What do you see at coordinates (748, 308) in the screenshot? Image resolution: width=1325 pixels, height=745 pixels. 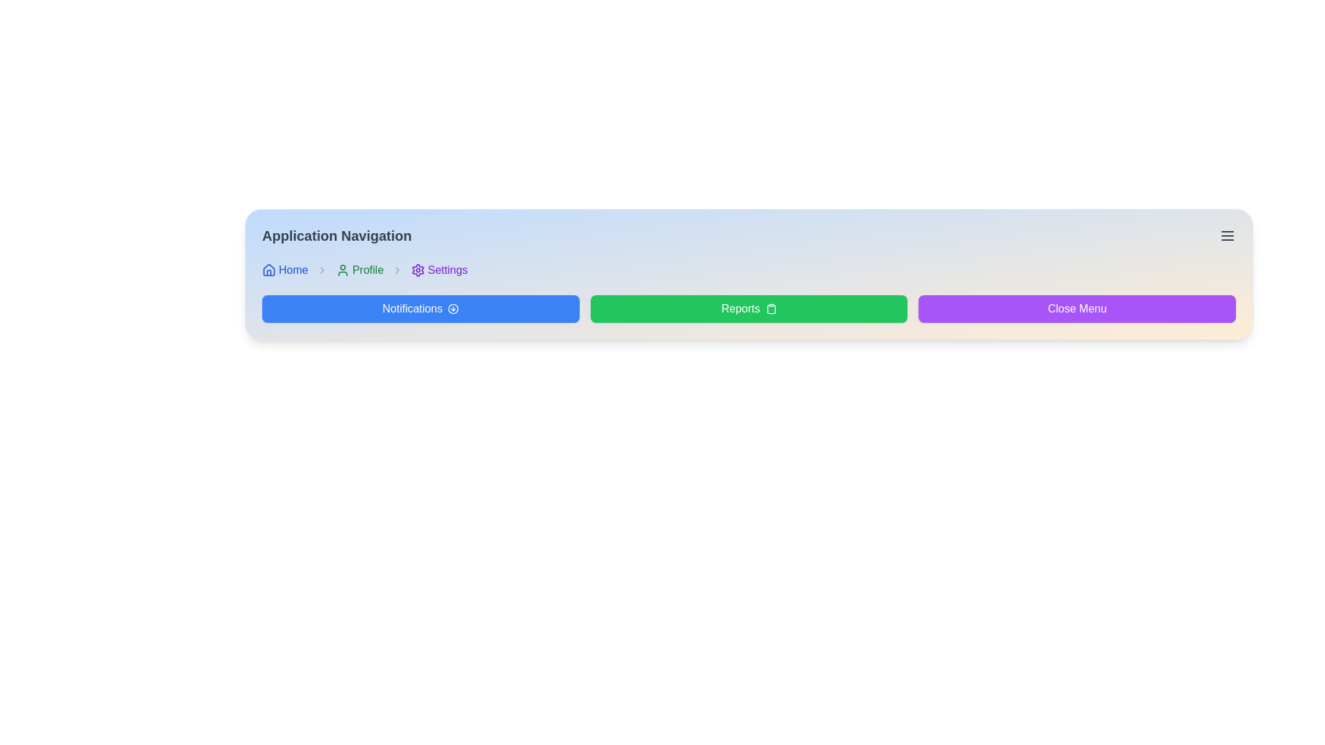 I see `the 'Reports' button, which is centrally located among three buttons` at bounding box center [748, 308].